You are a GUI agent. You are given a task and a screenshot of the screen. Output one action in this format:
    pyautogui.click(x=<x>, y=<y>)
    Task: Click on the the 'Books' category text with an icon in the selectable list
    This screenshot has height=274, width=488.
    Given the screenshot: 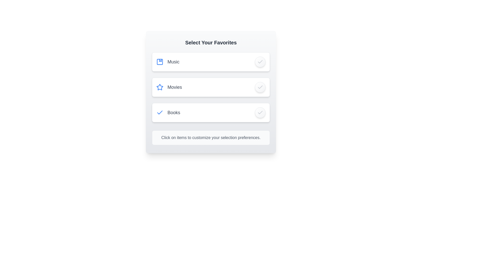 What is the action you would take?
    pyautogui.click(x=168, y=112)
    